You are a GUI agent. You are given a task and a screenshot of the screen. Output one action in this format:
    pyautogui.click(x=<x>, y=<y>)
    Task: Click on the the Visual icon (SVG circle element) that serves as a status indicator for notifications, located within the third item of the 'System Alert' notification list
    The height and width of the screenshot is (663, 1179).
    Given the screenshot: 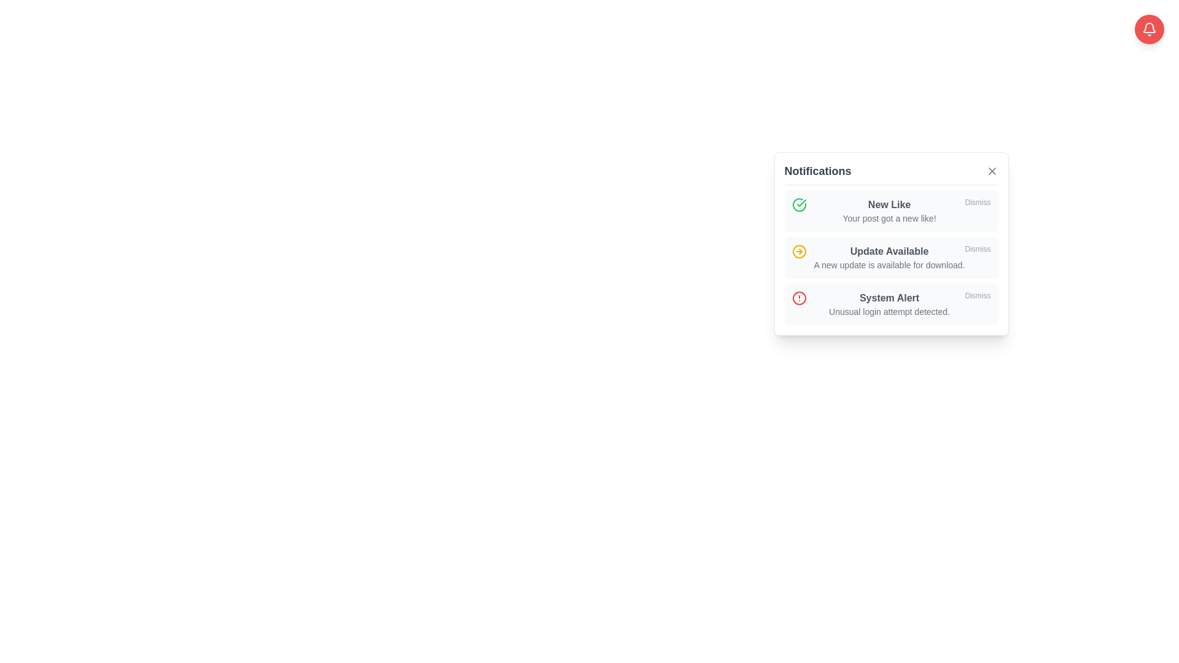 What is the action you would take?
    pyautogui.click(x=799, y=298)
    